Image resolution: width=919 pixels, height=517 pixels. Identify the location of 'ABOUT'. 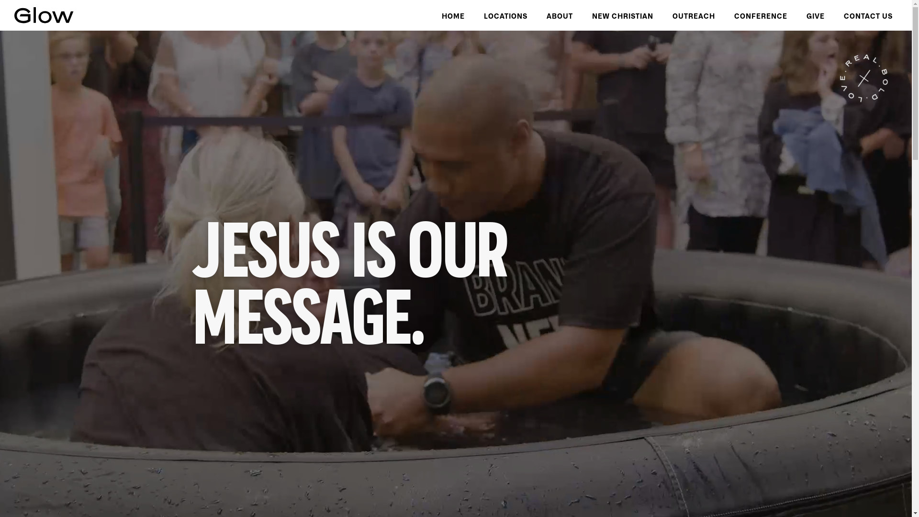
(560, 15).